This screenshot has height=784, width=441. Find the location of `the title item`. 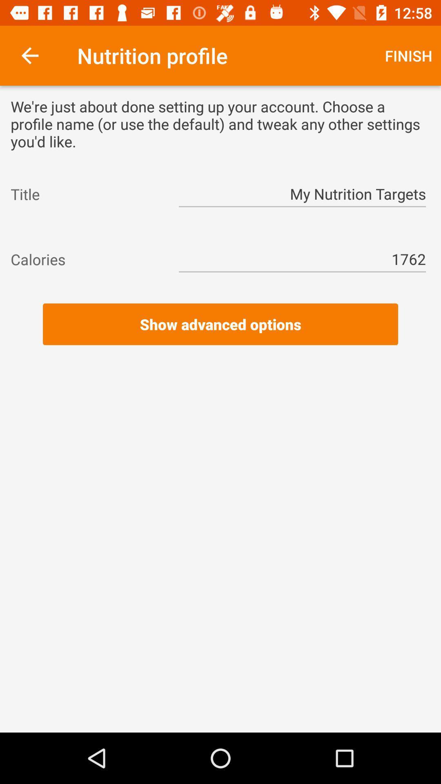

the title item is located at coordinates (87, 194).